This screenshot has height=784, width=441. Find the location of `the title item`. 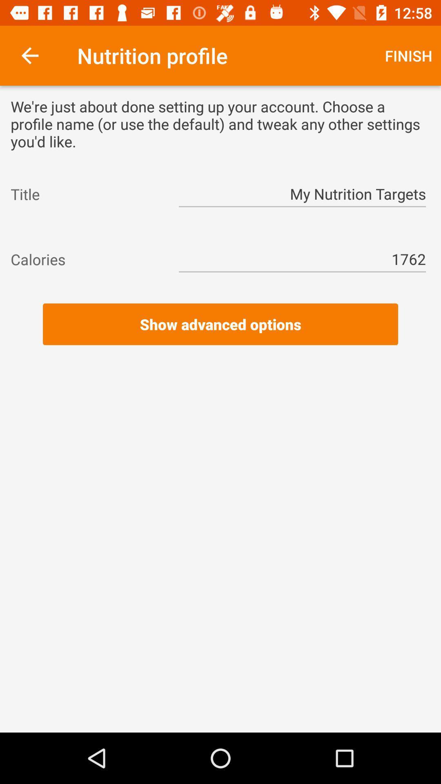

the title item is located at coordinates (87, 194).